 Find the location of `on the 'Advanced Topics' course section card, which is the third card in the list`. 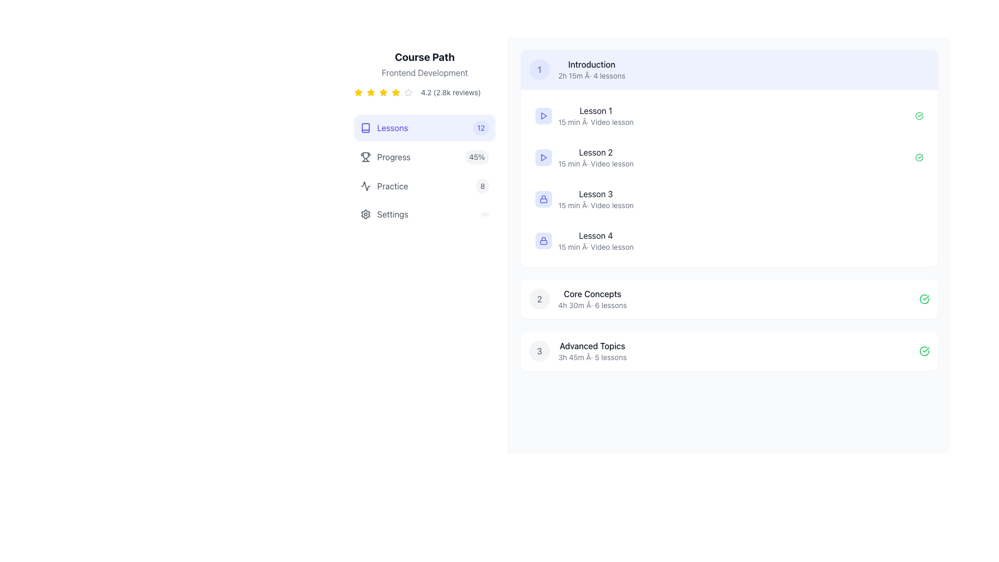

on the 'Advanced Topics' course section card, which is the third card in the list is located at coordinates (728, 351).